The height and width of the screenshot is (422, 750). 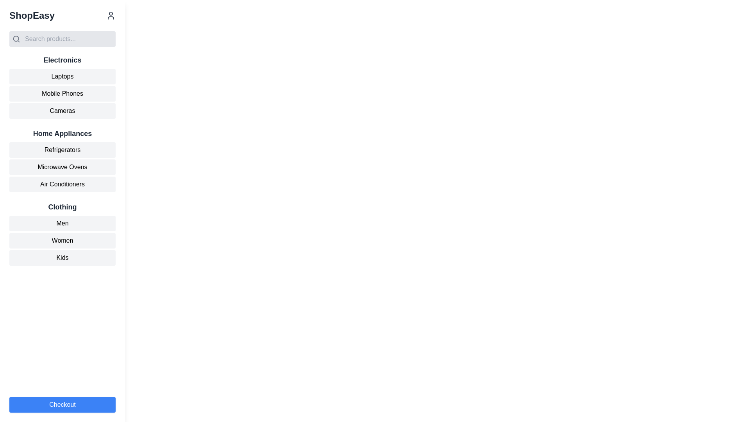 I want to click on the user icon styled as a profile image silhouette in dark gray located in the top-right of the header, next to 'ShopEasy', so click(x=110, y=15).